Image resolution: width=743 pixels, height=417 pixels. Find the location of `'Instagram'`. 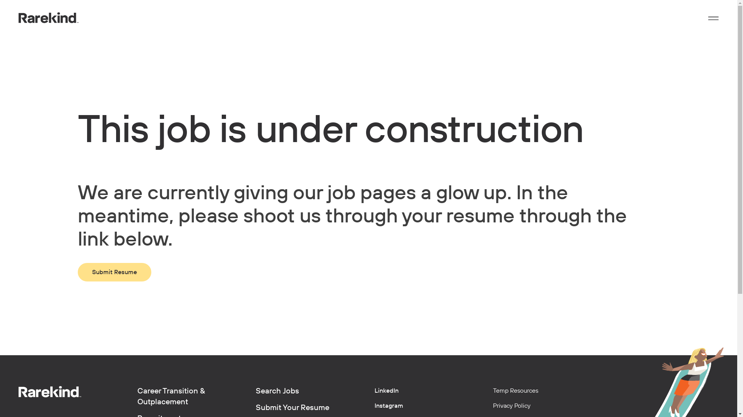

'Instagram' is located at coordinates (389, 405).